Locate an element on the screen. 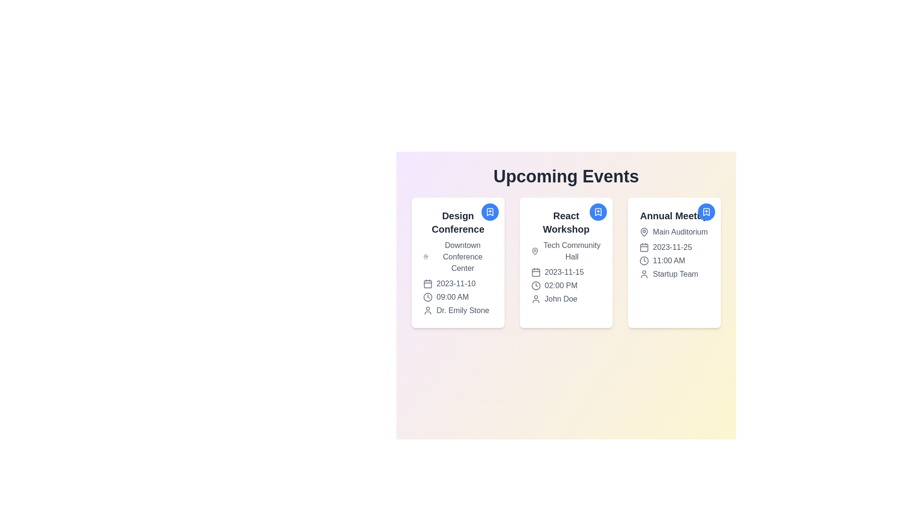 The image size is (919, 517). the map pin icon that visually indicates the location of the 'Downtown Conference Center' text in the first event card of the 'Upcoming Events' section is located at coordinates (425, 256).